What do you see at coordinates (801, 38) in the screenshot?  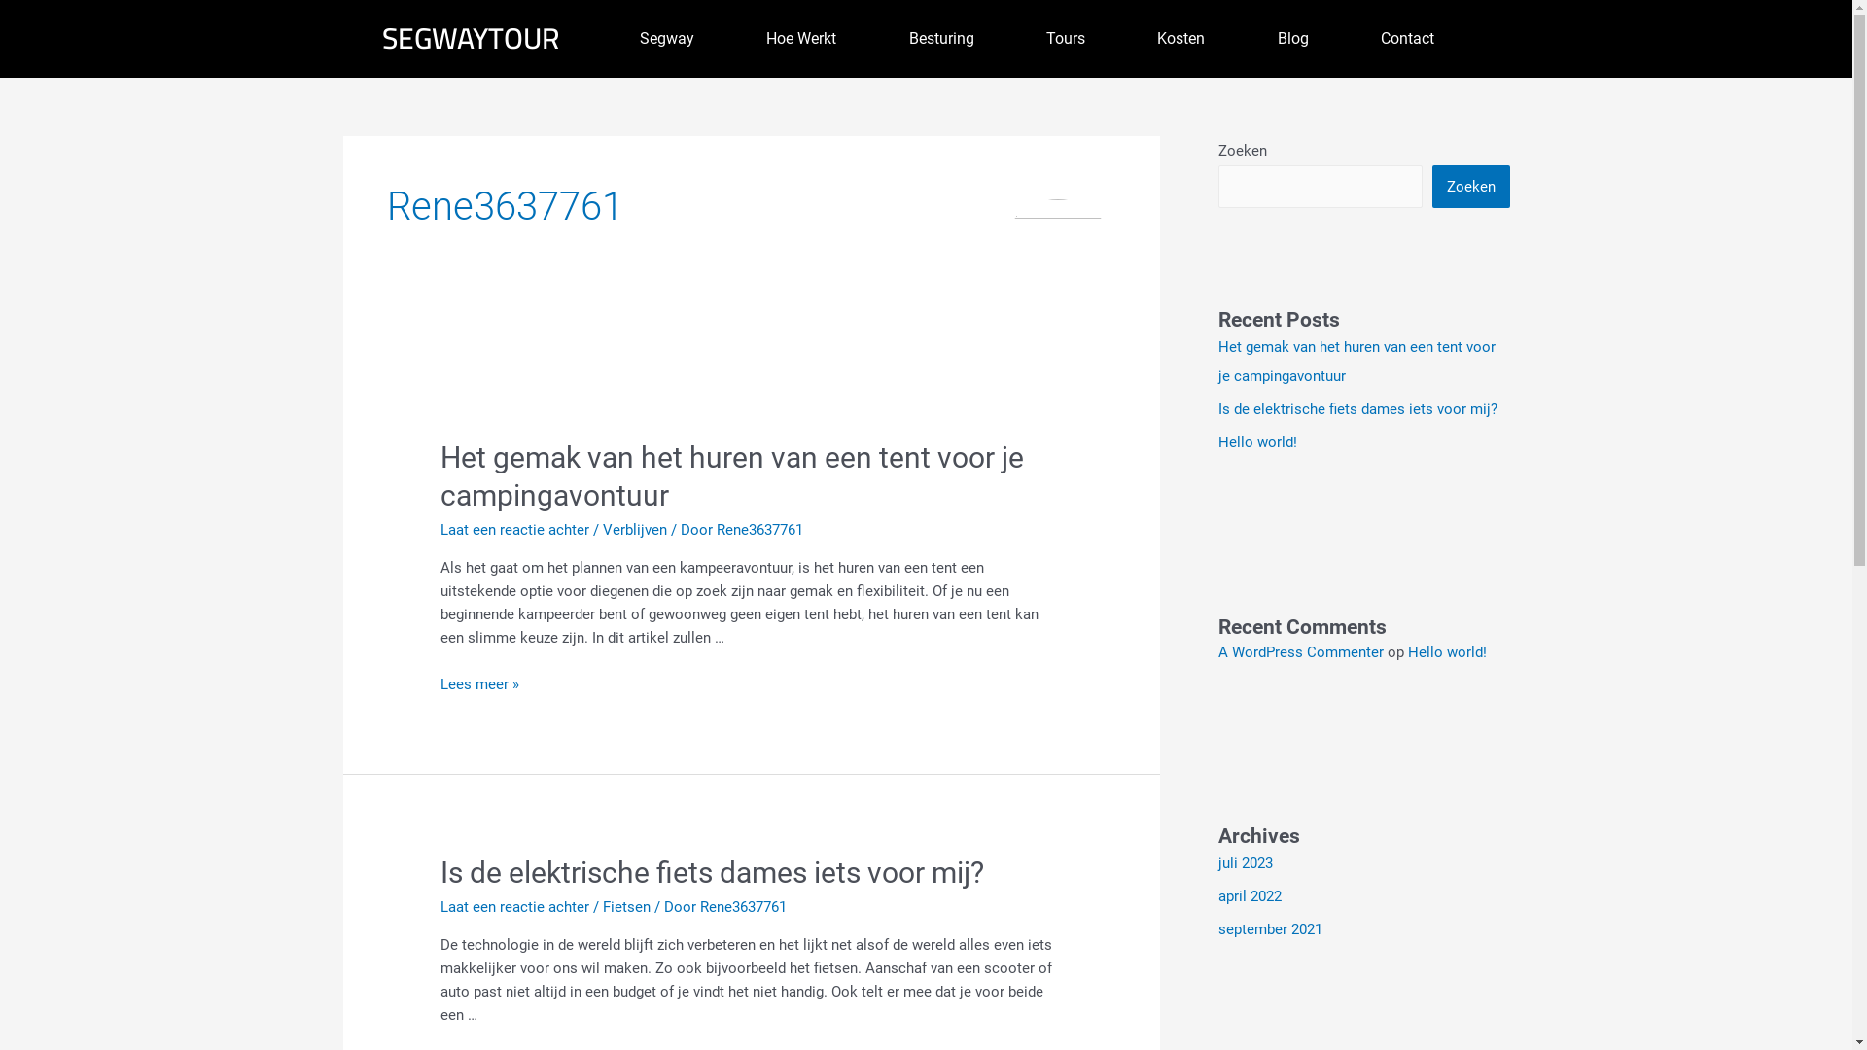 I see `'Hoe Werkt'` at bounding box center [801, 38].